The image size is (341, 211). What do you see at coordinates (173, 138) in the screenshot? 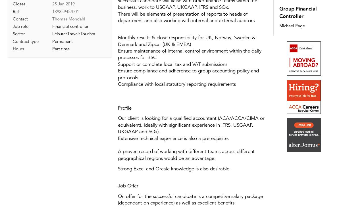
I see `'Extensive technical experience is also a prerequisite.'` at bounding box center [173, 138].